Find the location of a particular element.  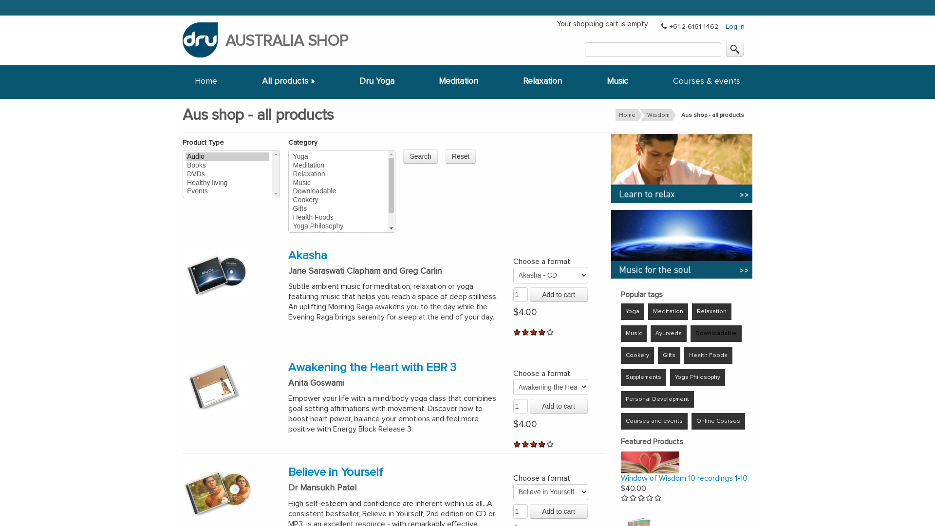

'Give Akasha 4/5' is located at coordinates (542, 331).